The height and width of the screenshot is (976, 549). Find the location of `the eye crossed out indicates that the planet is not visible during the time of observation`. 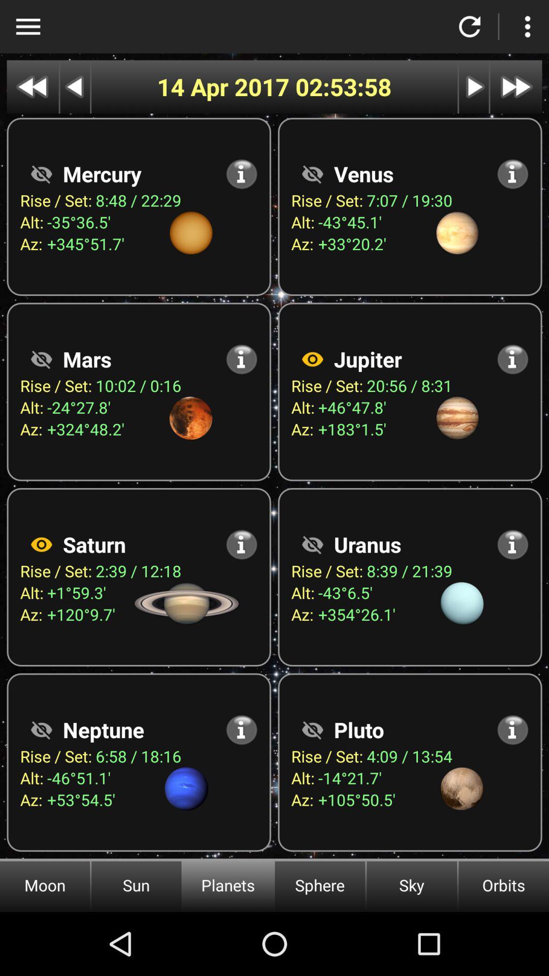

the eye crossed out indicates that the planet is not visible during the time of observation is located at coordinates (312, 174).